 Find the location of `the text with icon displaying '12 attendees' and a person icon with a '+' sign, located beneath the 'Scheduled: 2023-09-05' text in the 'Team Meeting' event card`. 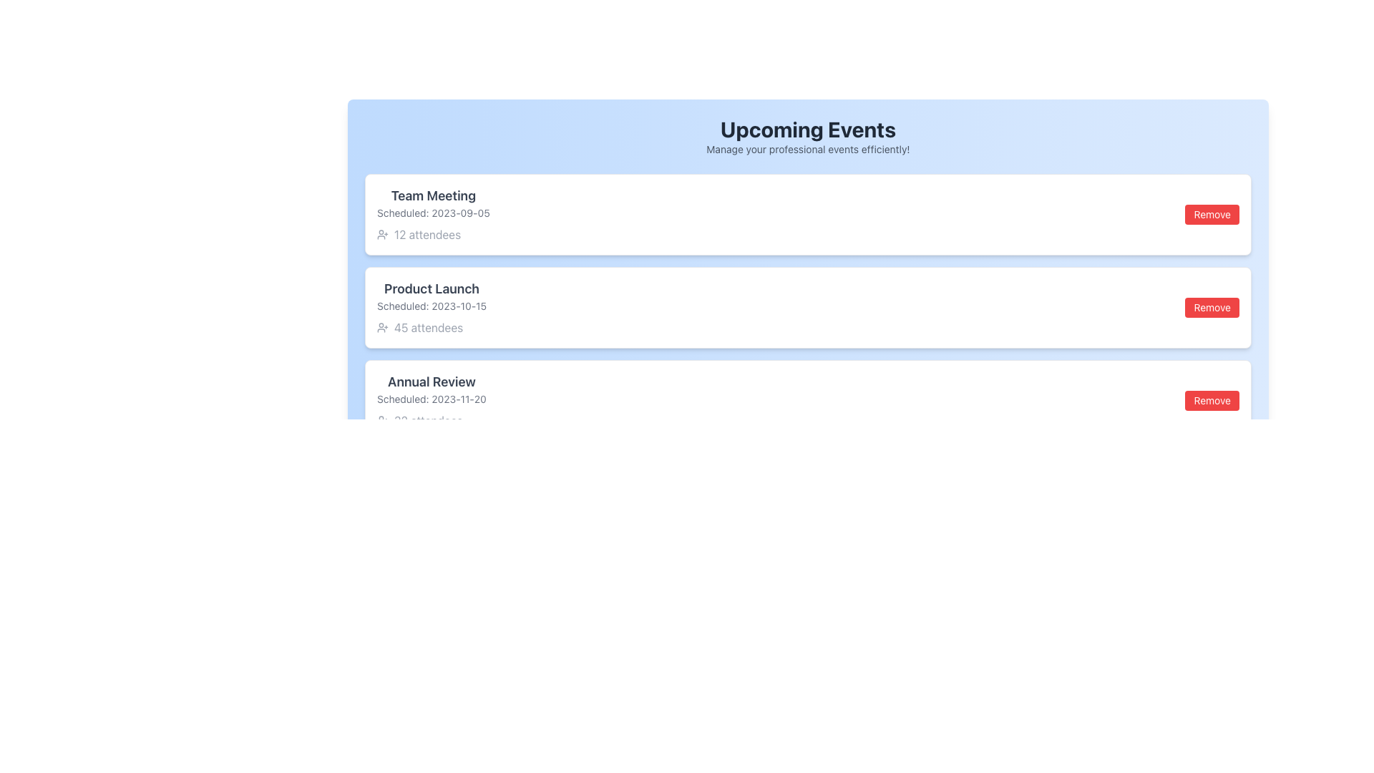

the text with icon displaying '12 attendees' and a person icon with a '+' sign, located beneath the 'Scheduled: 2023-09-05' text in the 'Team Meeting' event card is located at coordinates (432, 233).